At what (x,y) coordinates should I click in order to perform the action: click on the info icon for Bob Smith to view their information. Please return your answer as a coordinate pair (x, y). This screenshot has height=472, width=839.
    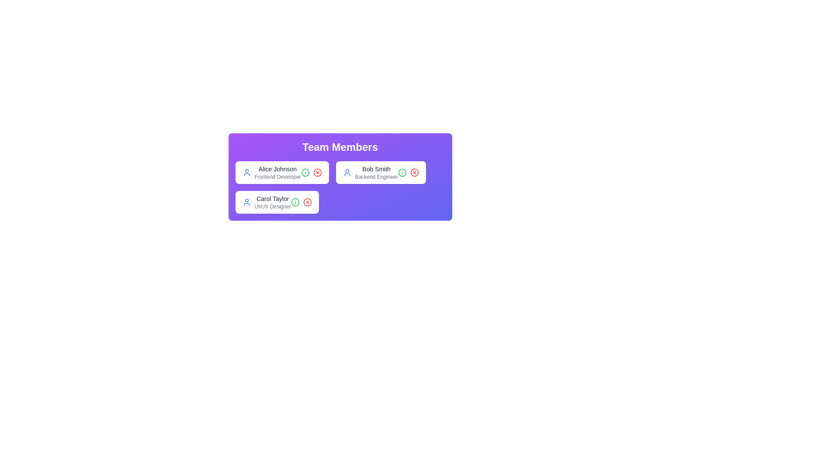
    Looking at the image, I should click on (402, 172).